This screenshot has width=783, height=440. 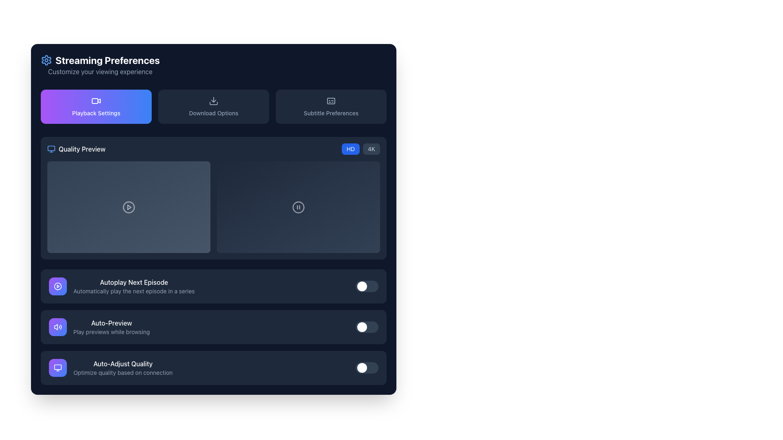 I want to click on the gear-like icon with a blue outline adjacent to the 'Streaming Preferences' heading, so click(x=46, y=59).